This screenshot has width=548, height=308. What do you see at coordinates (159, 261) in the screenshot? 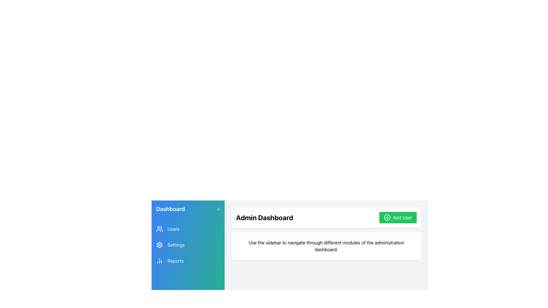
I see `the three-bar chart icon located in the sidebar menu next to the 'Reports' text` at bounding box center [159, 261].